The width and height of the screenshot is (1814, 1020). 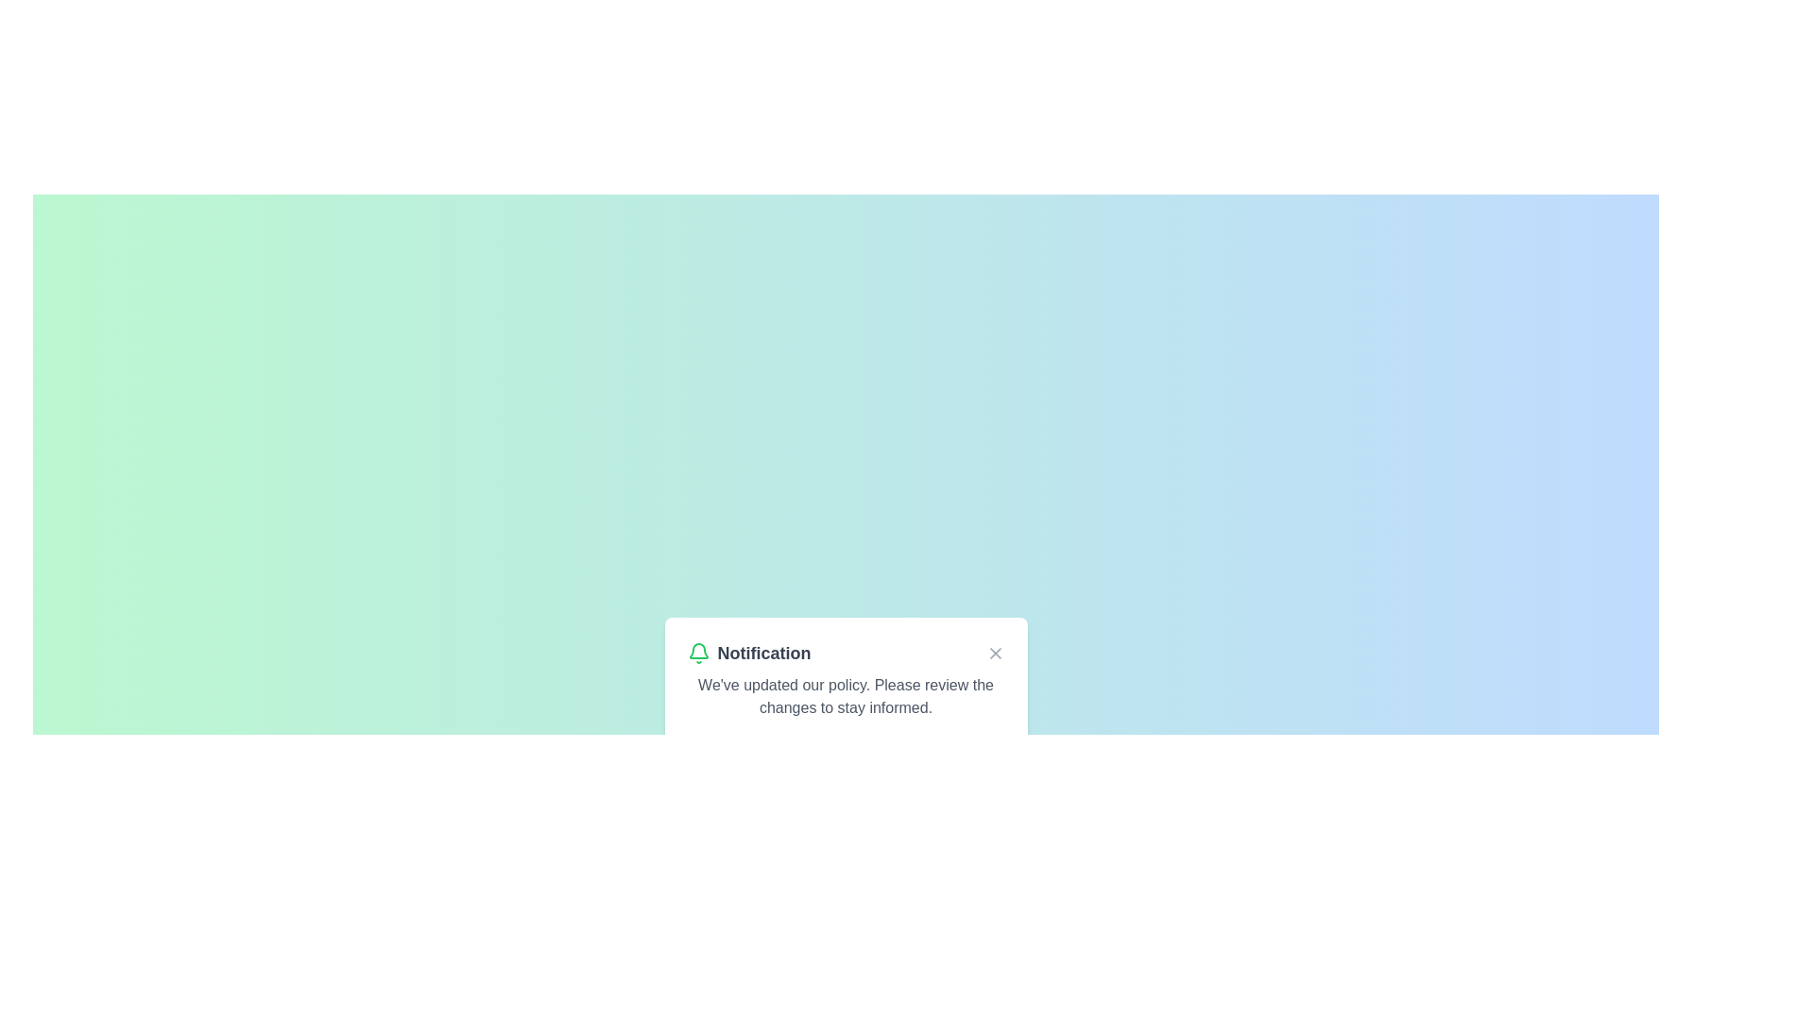 What do you see at coordinates (747, 652) in the screenshot?
I see `text 'Notification' from the Text Label located in the notification header to the right of the green bell icon` at bounding box center [747, 652].